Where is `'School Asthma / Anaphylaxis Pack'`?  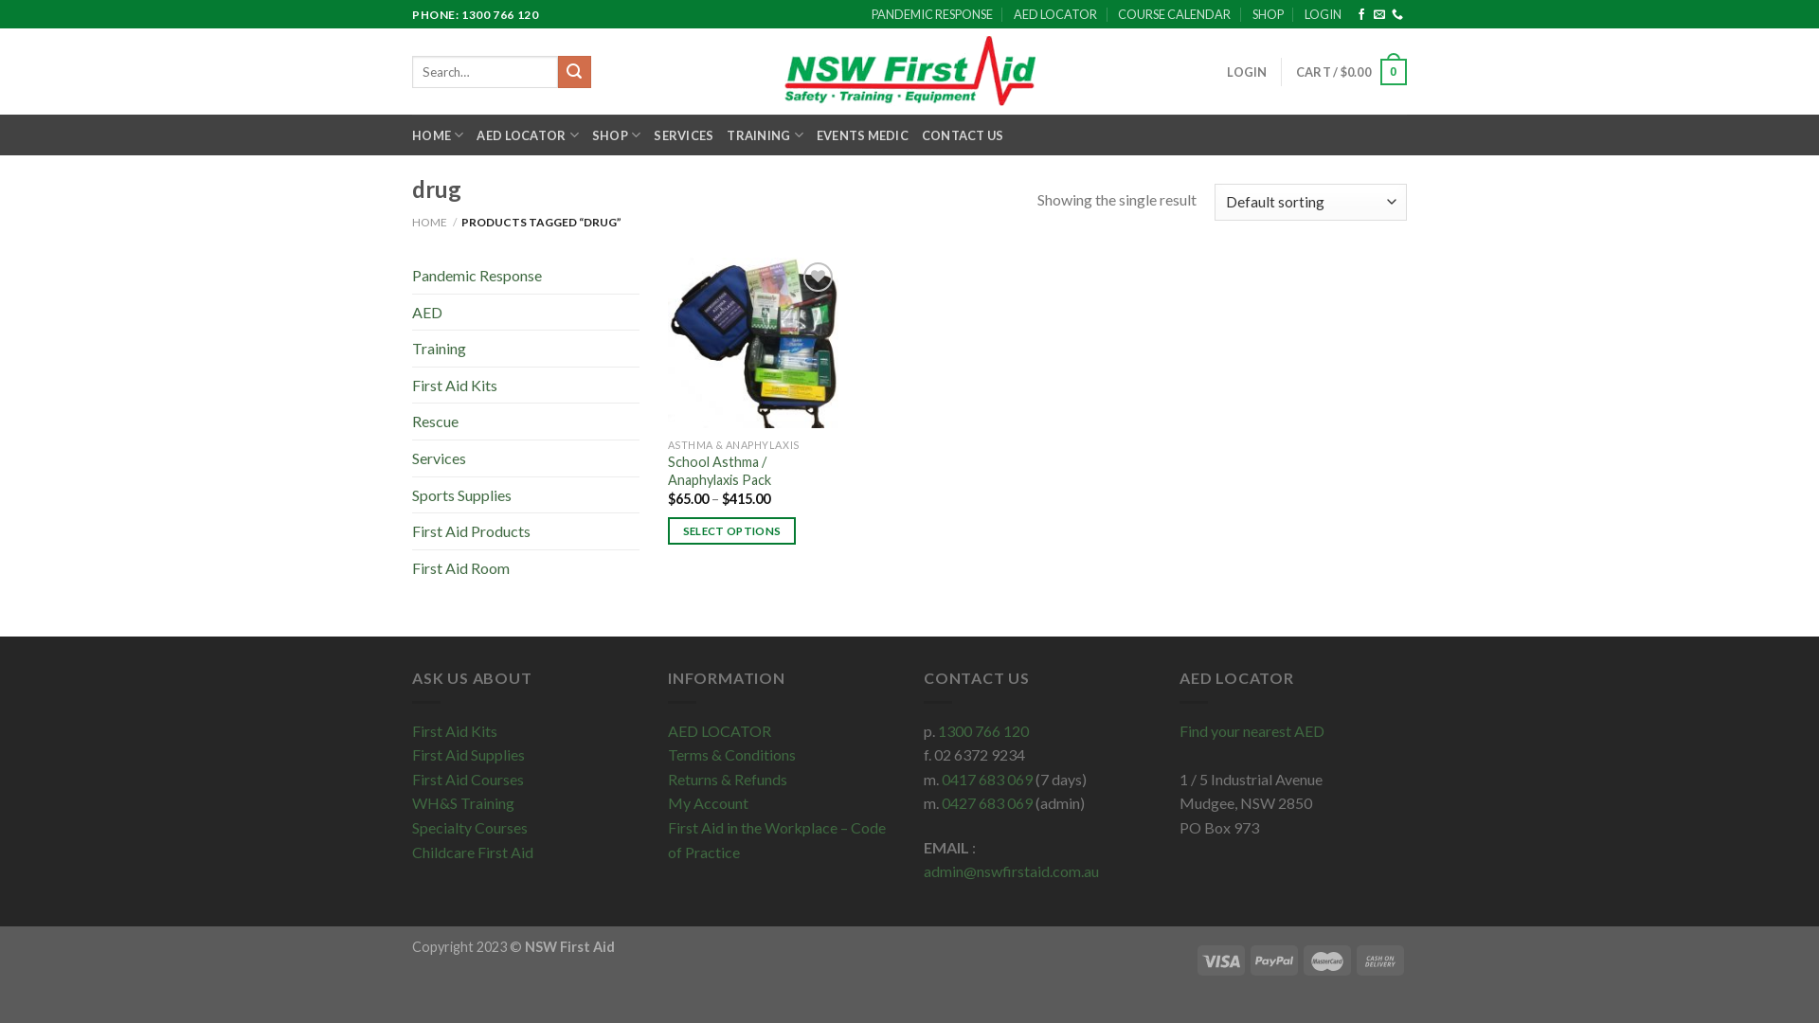 'School Asthma / Anaphylaxis Pack' is located at coordinates (745, 470).